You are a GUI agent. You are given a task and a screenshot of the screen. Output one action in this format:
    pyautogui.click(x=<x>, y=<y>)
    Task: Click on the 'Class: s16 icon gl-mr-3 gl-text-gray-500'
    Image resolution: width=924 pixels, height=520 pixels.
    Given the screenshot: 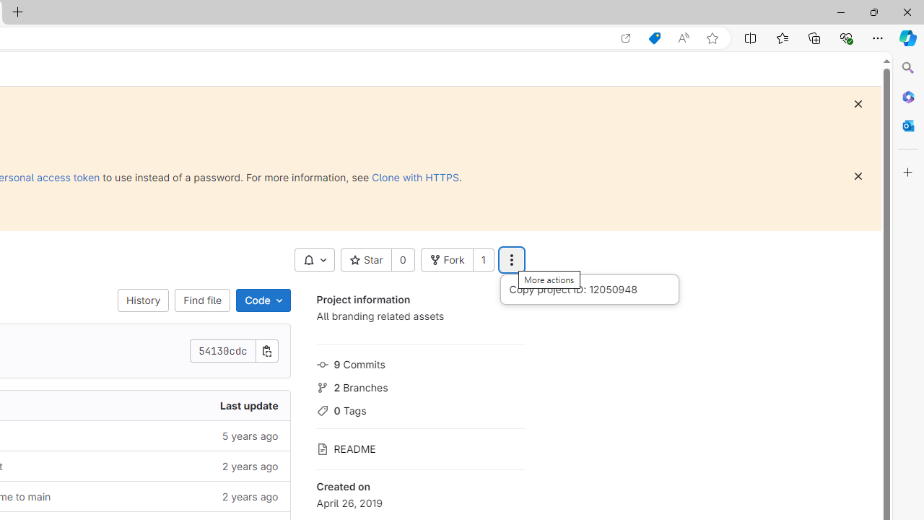 What is the action you would take?
    pyautogui.click(x=321, y=448)
    